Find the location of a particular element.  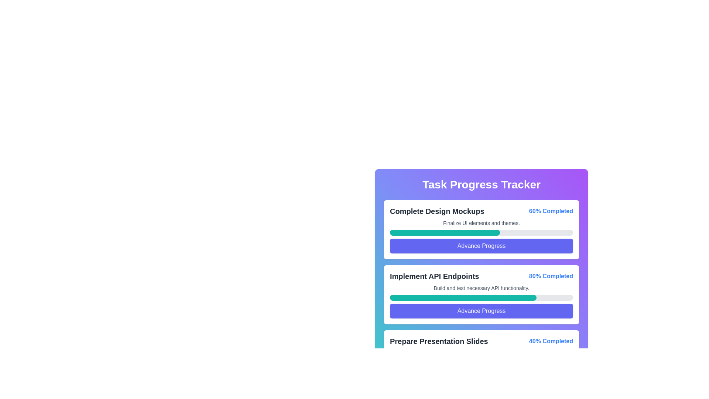

the button located centrally beneath the progress bar for the task 'Implement API Endpoints' to advance the progress is located at coordinates (482, 311).